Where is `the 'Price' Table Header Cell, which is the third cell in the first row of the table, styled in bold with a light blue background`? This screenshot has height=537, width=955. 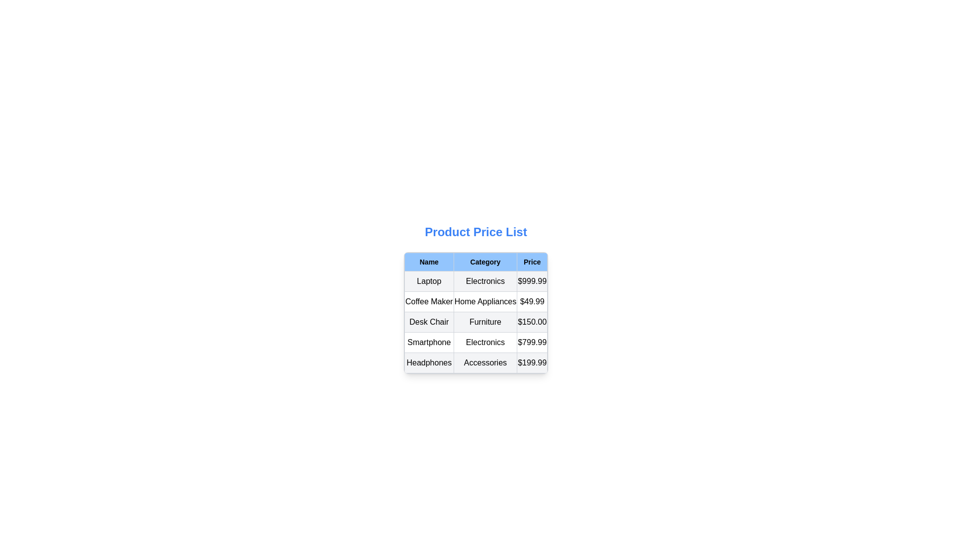
the 'Price' Table Header Cell, which is the third cell in the first row of the table, styled in bold with a light blue background is located at coordinates (532, 262).